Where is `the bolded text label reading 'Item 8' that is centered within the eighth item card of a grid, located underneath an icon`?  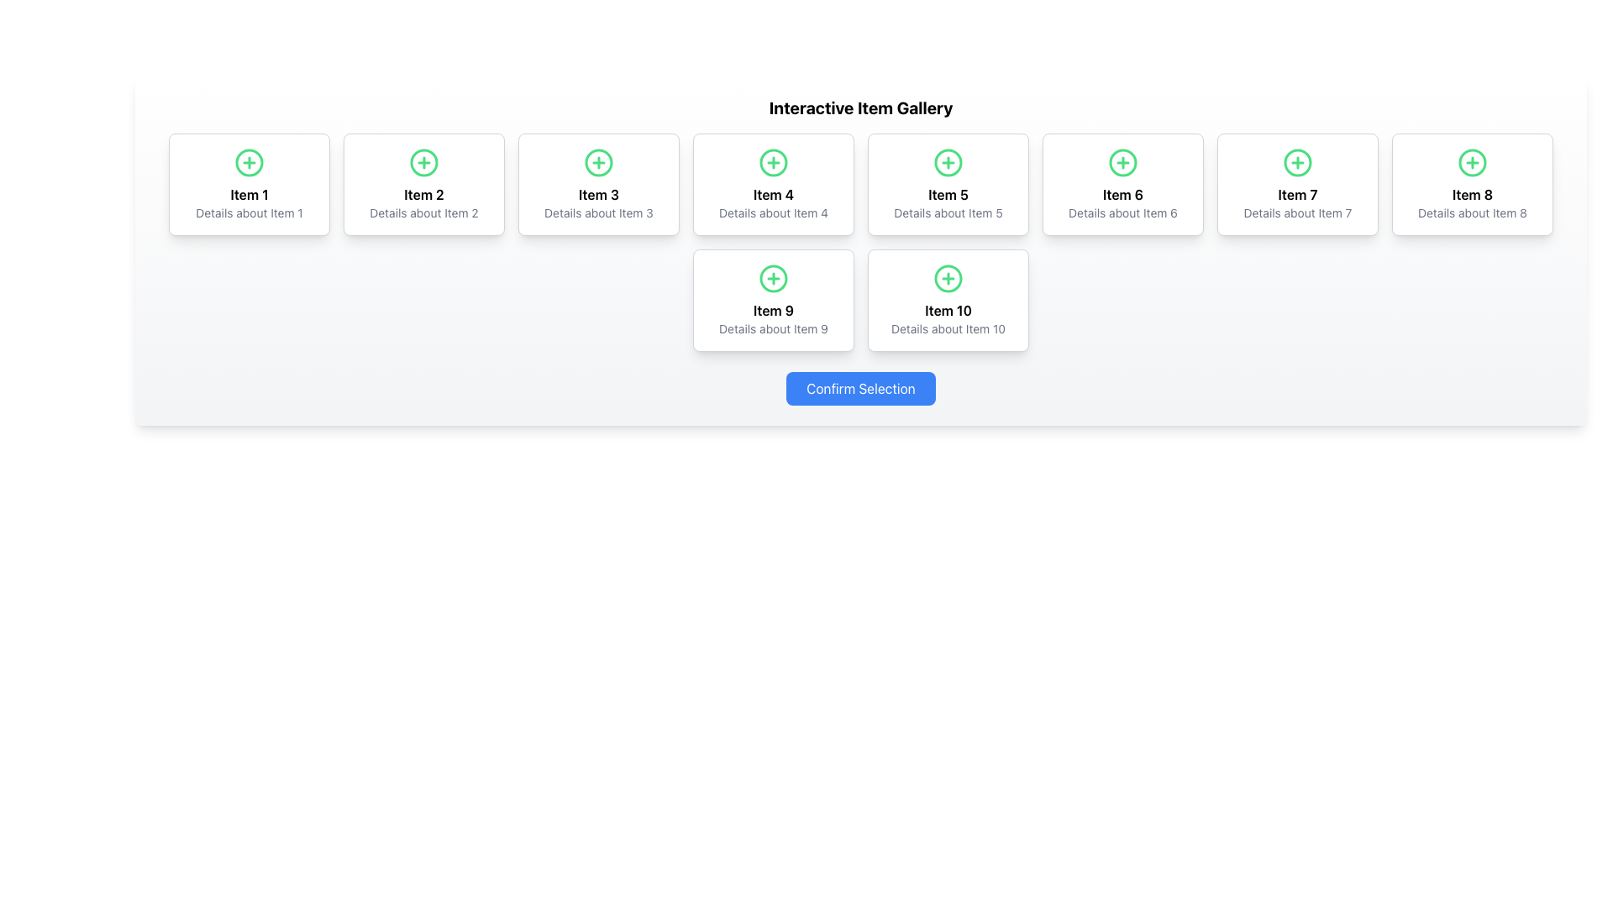 the bolded text label reading 'Item 8' that is centered within the eighth item card of a grid, located underneath an icon is located at coordinates (1471, 193).